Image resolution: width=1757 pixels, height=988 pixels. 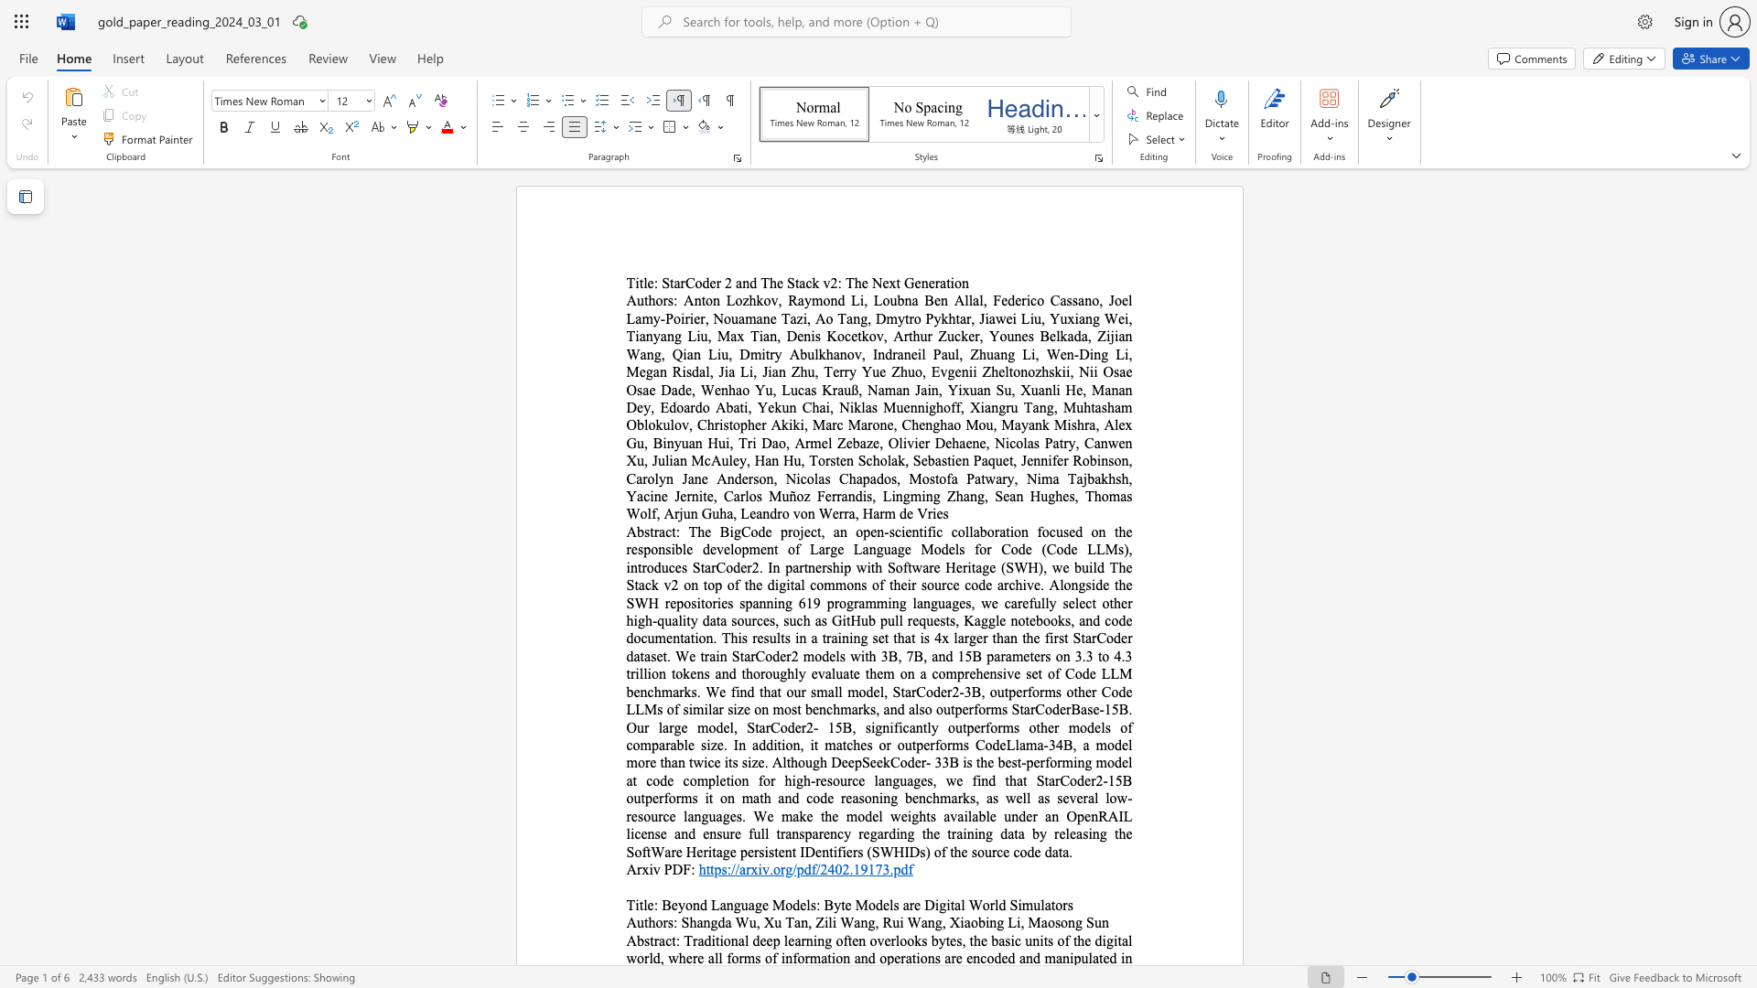 I want to click on the subset text "bin" within the text "Xiaobing Li,", so click(x=976, y=922).